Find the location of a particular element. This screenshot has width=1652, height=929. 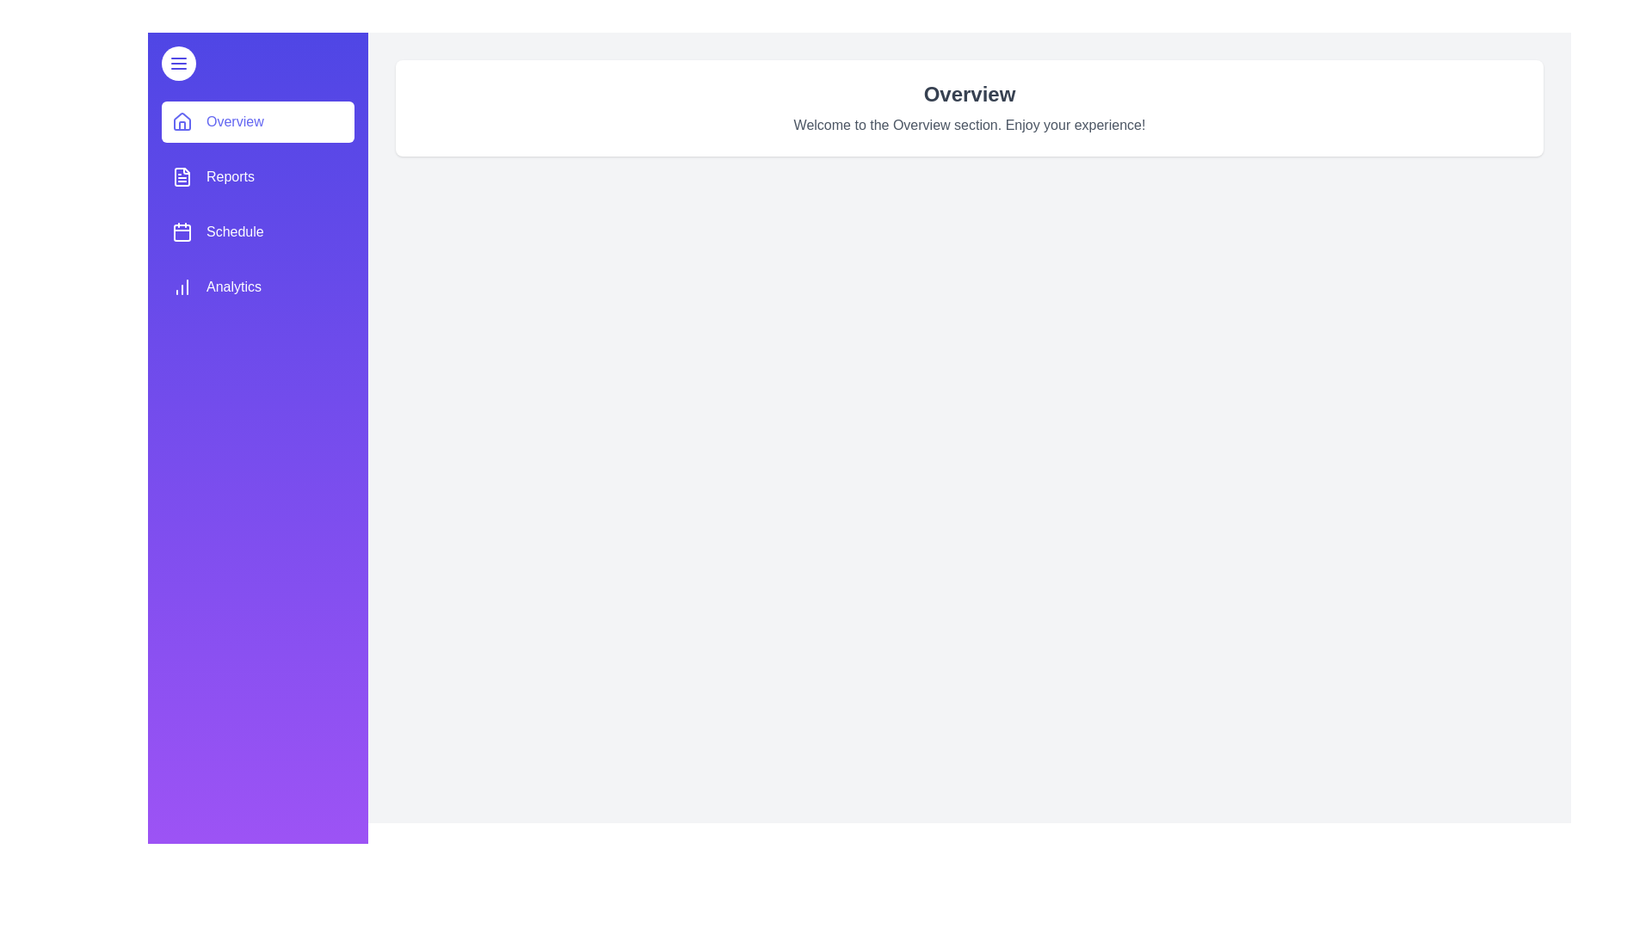

toggle button at the top-left corner of the drawer to toggle it open or closed is located at coordinates (178, 62).